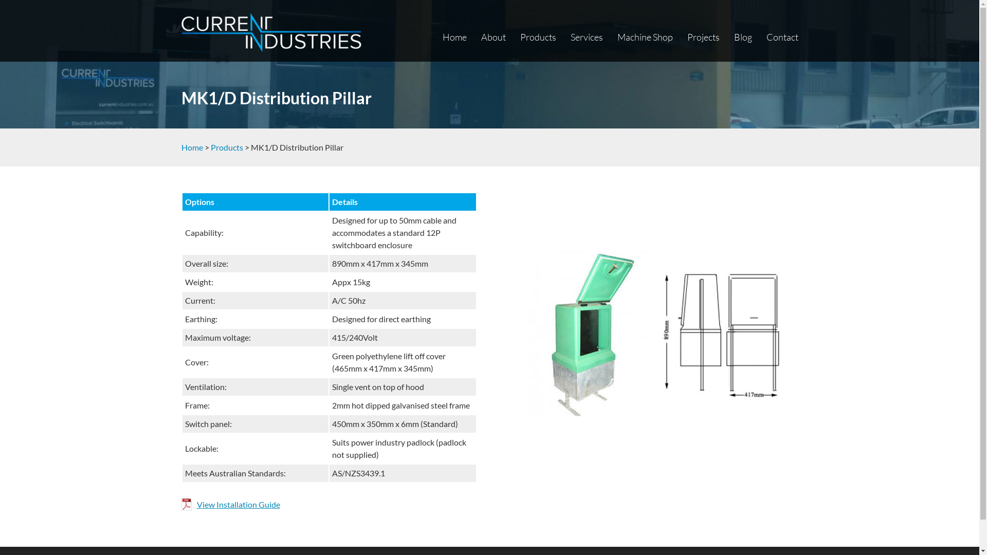 This screenshot has width=987, height=555. I want to click on 'Products', so click(210, 147).